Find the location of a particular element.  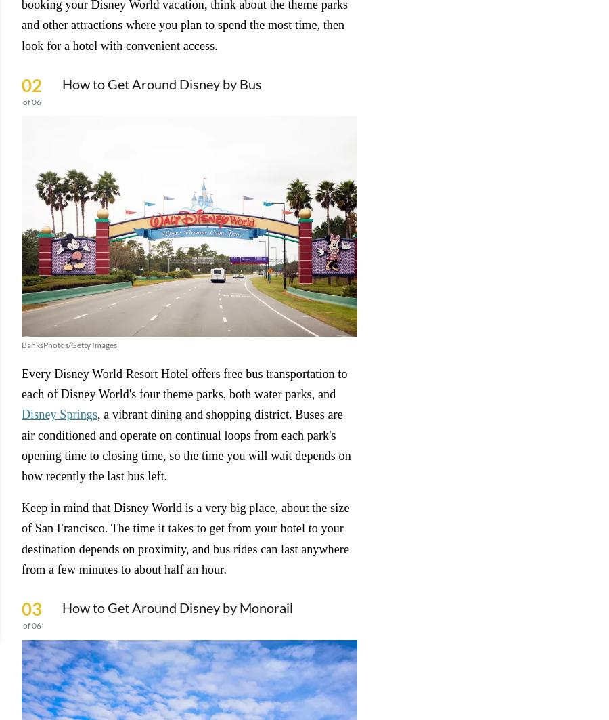

'How to Get Around Disney by Bus' is located at coordinates (161, 84).